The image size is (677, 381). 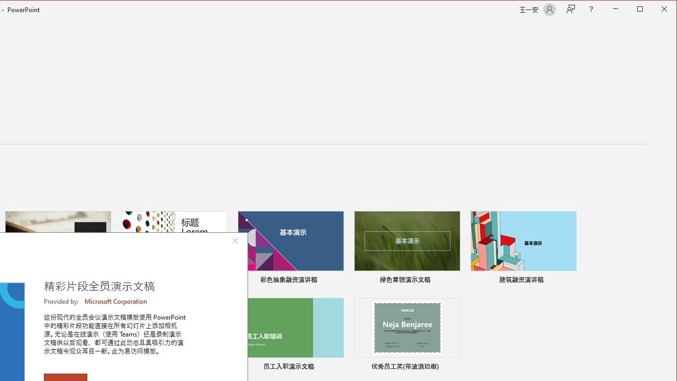 What do you see at coordinates (655, 10) in the screenshot?
I see `'Maximize'` at bounding box center [655, 10].